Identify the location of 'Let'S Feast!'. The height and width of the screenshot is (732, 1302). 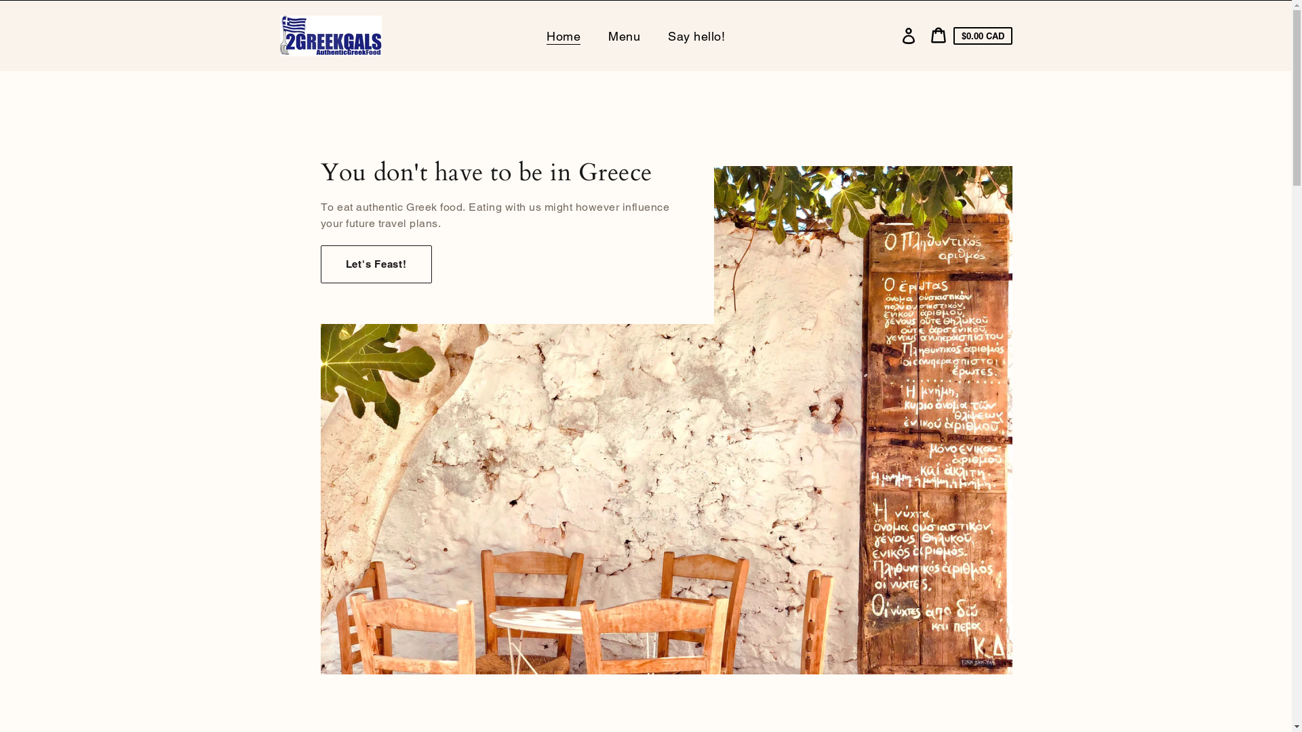
(375, 264).